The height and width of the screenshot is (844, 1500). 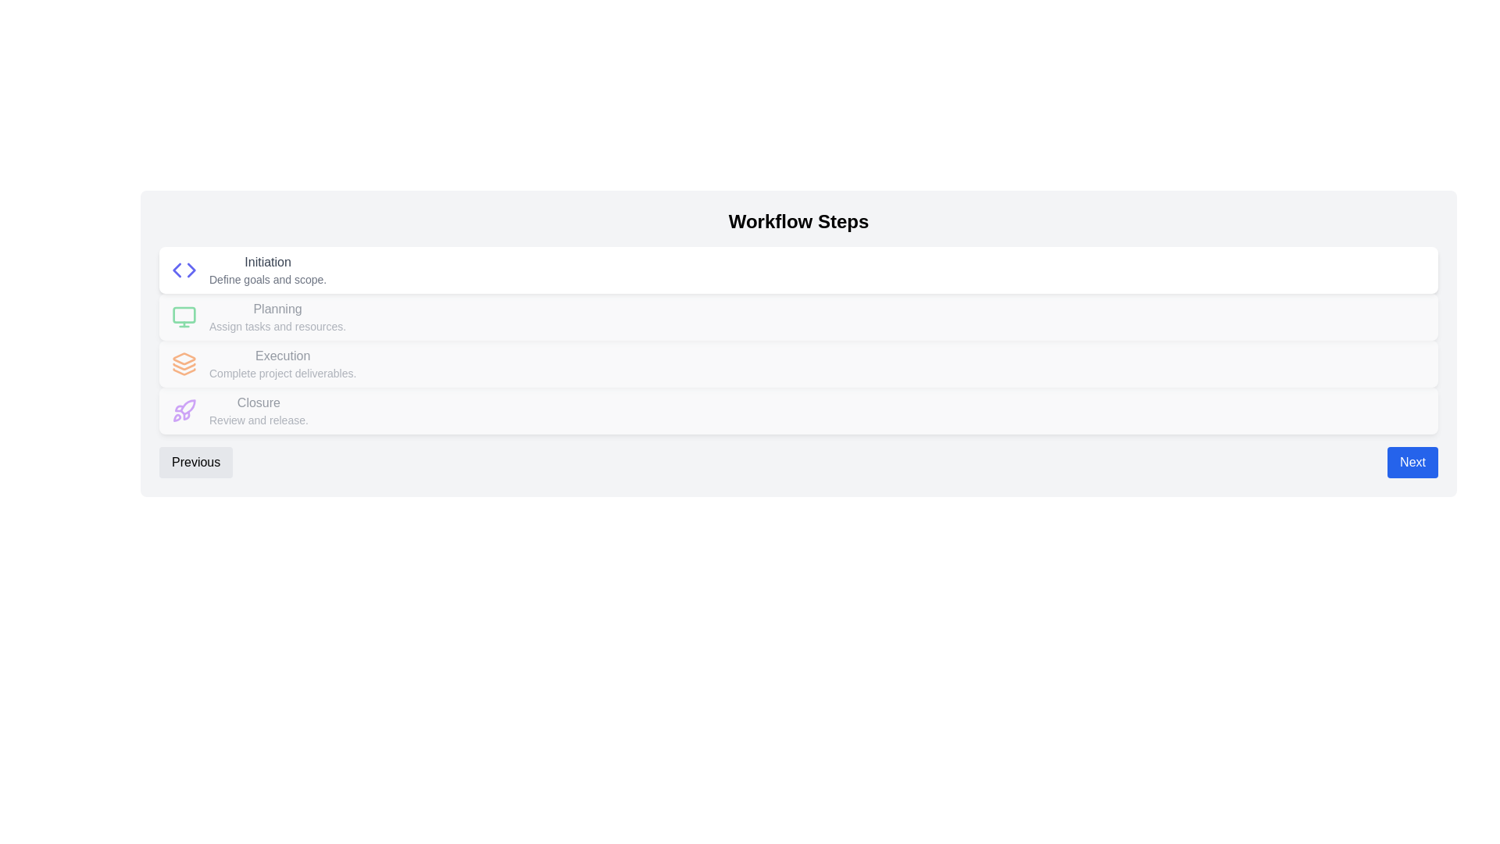 What do you see at coordinates (268, 261) in the screenshot?
I see `the text label displaying 'Initiation' in gray color, positioned on a horizontal white panel above the description 'Define goals and scope.'` at bounding box center [268, 261].